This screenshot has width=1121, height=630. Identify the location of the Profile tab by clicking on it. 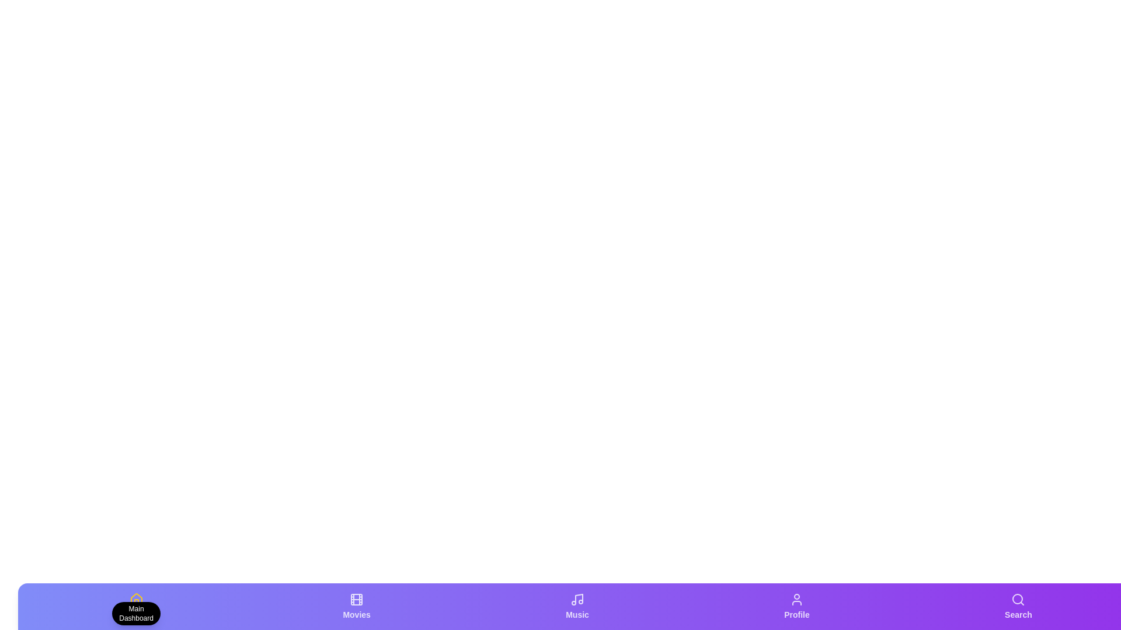
(795, 606).